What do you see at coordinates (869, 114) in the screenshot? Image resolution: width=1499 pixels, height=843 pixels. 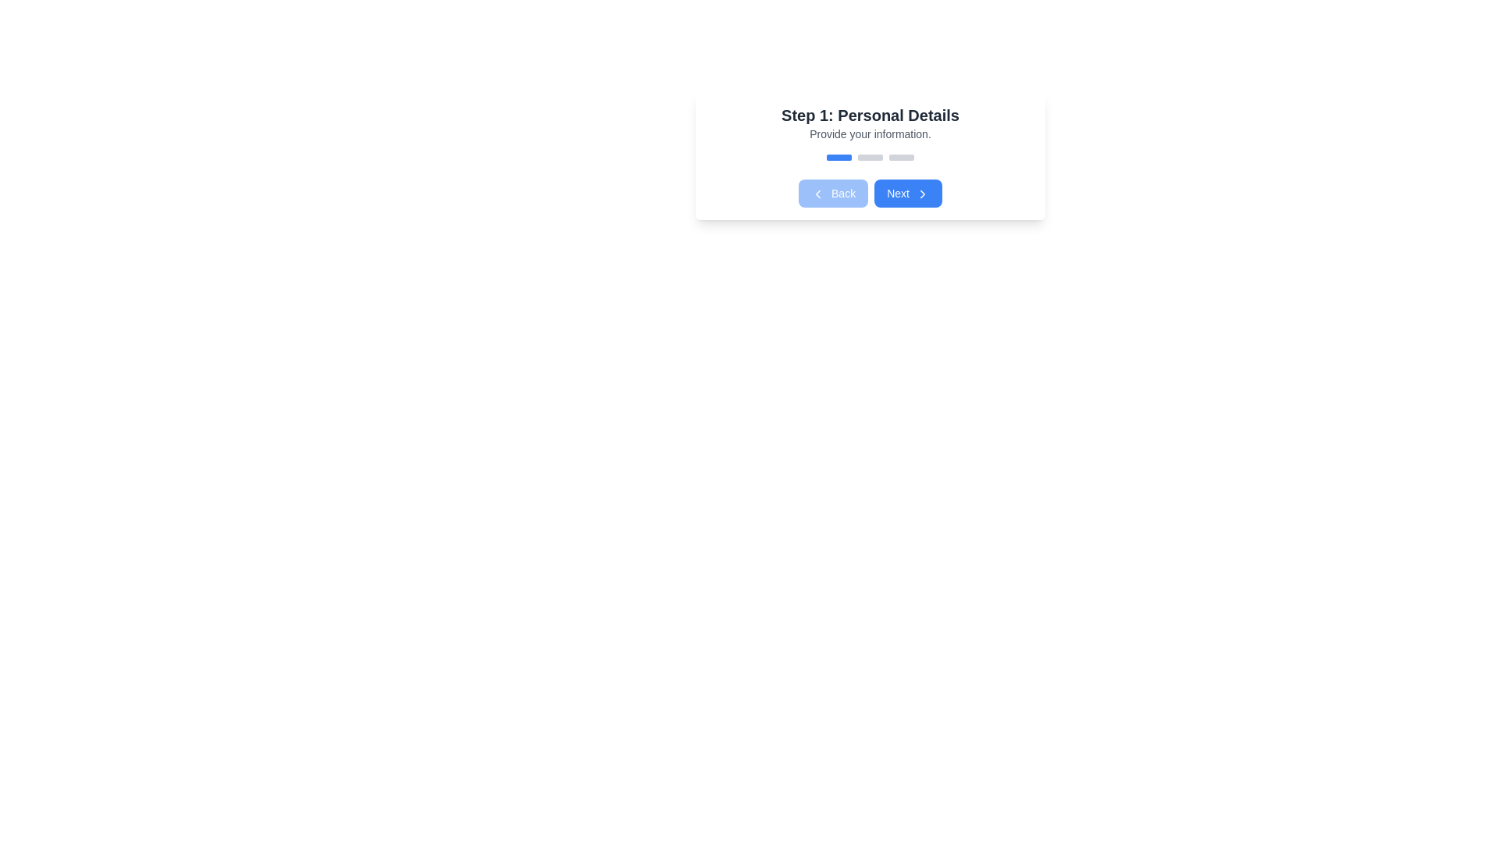 I see `the Text Header that indicates the section for 'Personal Details', positioned at the top center of the step indicator box above the text 'Provide your information'` at bounding box center [869, 114].